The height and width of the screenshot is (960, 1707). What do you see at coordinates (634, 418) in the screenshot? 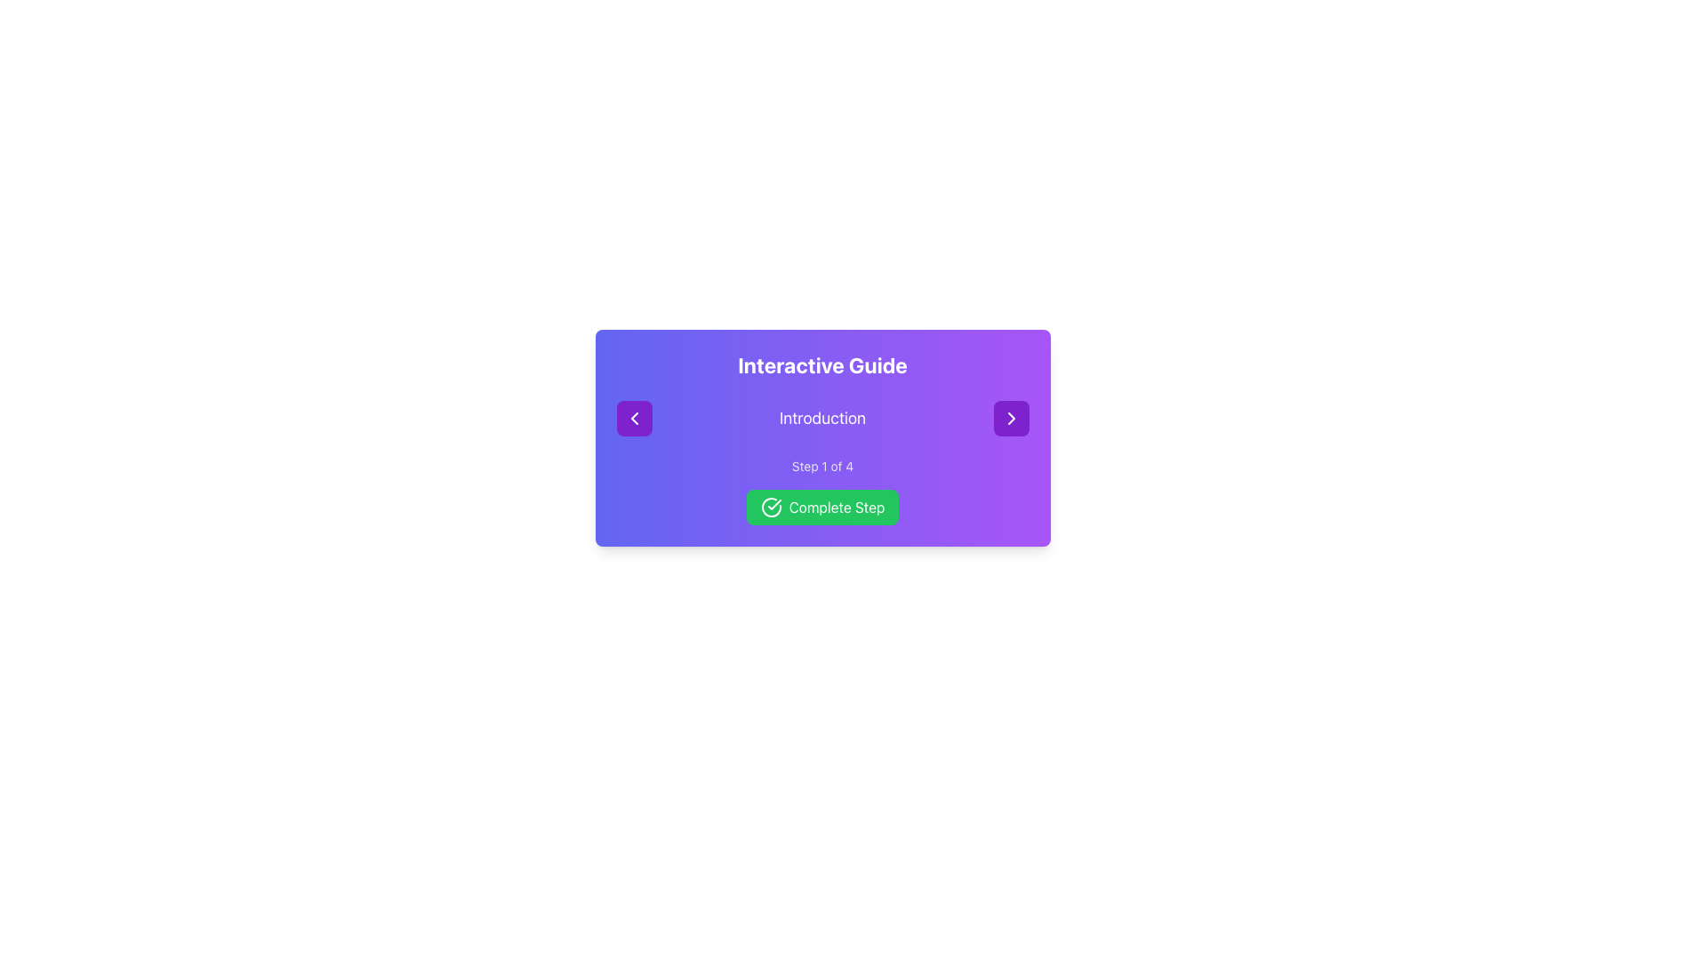
I see `the small, triangular, left-pointing arrow icon located within the interactive guide component` at bounding box center [634, 418].